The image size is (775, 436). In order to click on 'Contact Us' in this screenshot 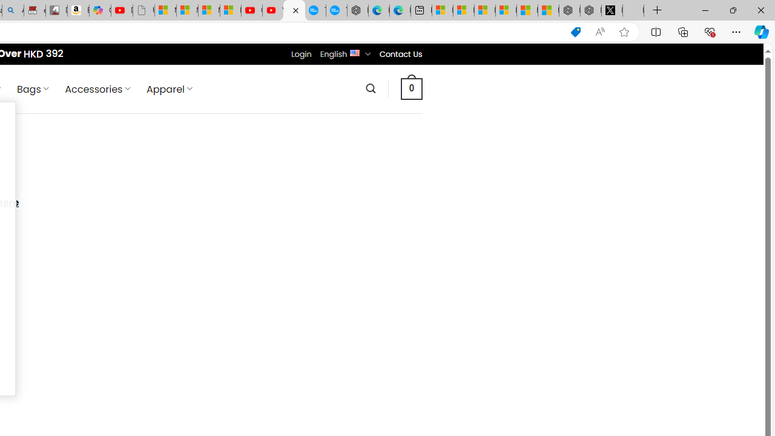, I will do `click(400, 53)`.